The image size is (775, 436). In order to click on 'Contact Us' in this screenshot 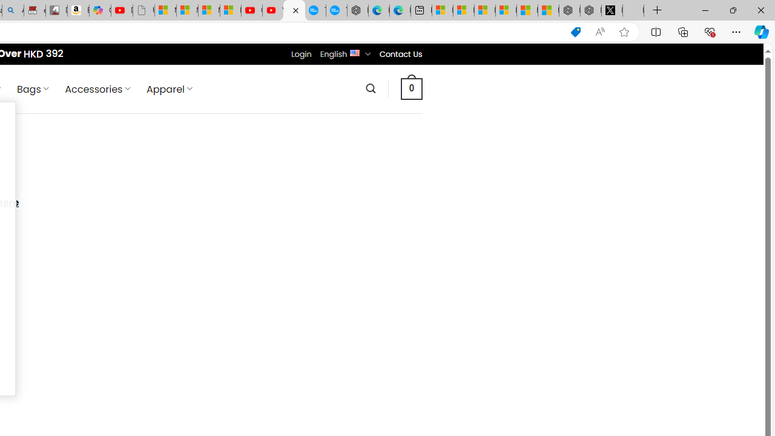, I will do `click(400, 53)`.